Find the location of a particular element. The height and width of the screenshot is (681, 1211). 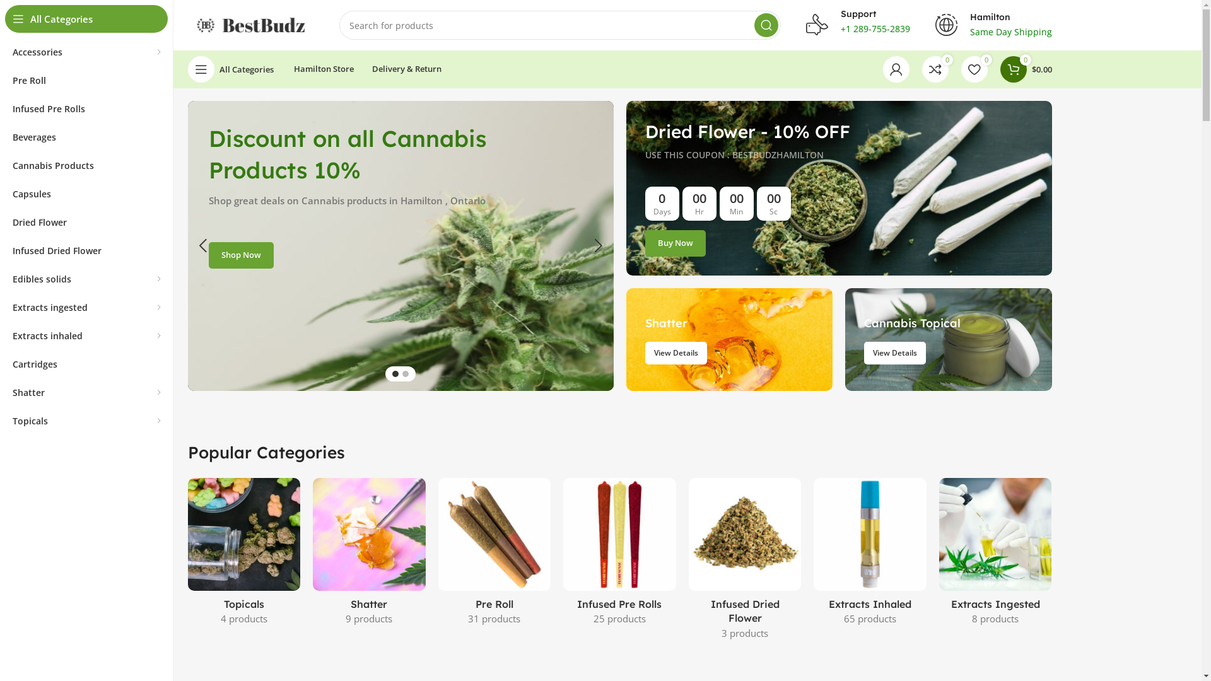

'25 products' is located at coordinates (619, 617).